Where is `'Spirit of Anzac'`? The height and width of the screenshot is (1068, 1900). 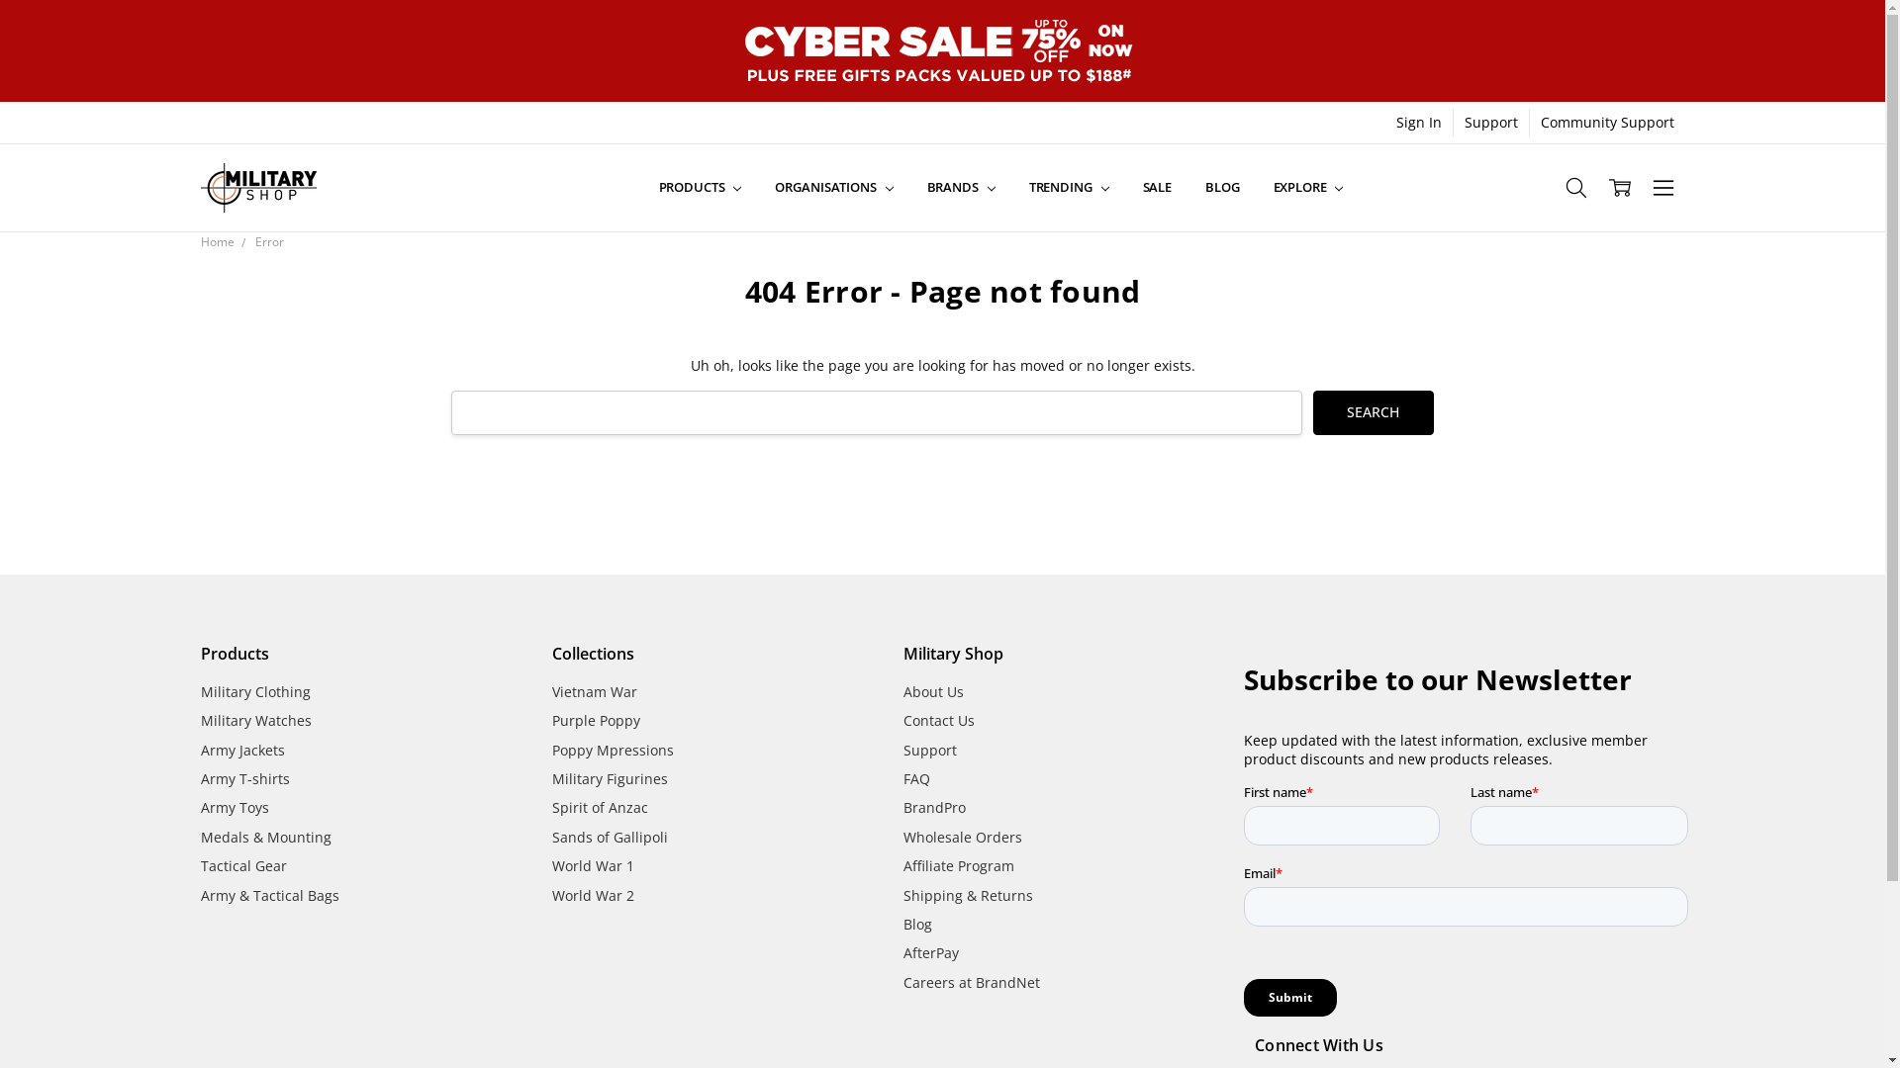 'Spirit of Anzac' is located at coordinates (599, 807).